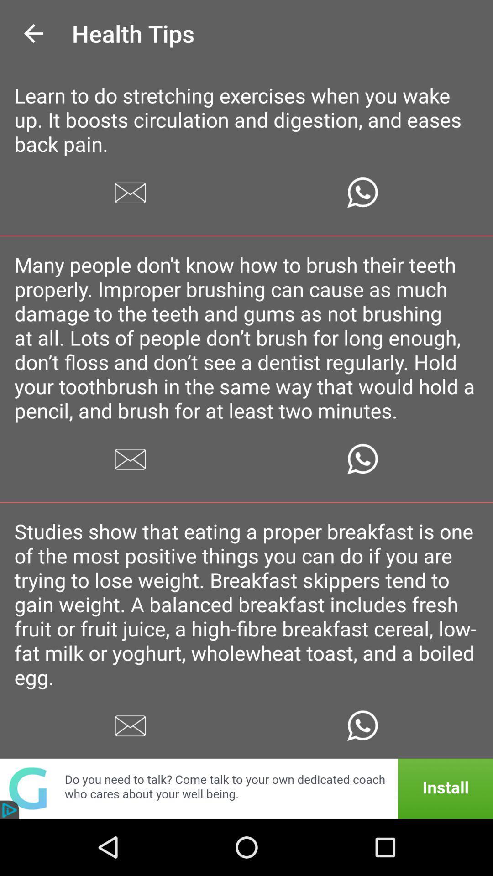  Describe the element at coordinates (33, 33) in the screenshot. I see `the item above learn to do` at that location.